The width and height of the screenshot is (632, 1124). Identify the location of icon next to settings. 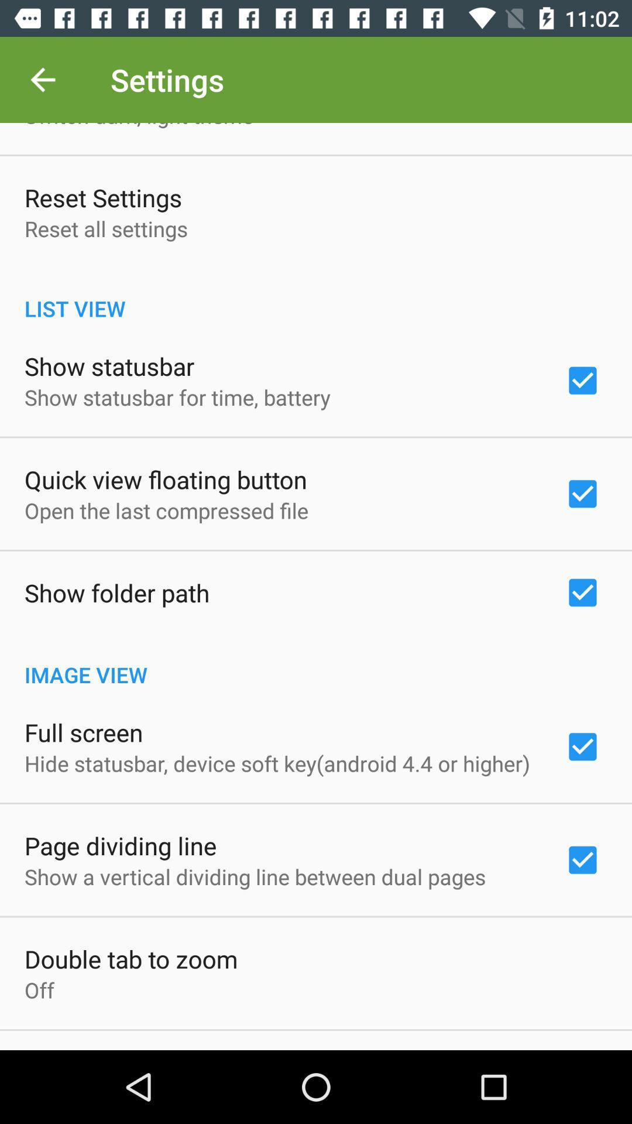
(42, 79).